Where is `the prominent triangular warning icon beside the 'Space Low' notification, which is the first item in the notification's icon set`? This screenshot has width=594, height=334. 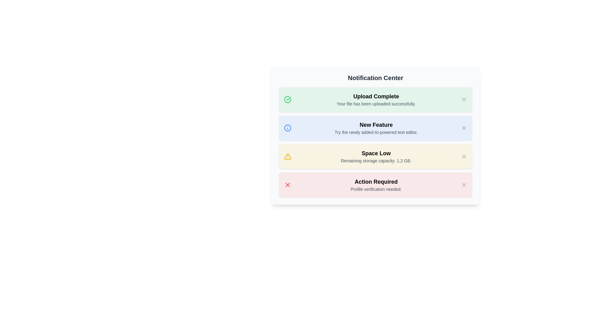 the prominent triangular warning icon beside the 'Space Low' notification, which is the first item in the notification's icon set is located at coordinates (287, 156).